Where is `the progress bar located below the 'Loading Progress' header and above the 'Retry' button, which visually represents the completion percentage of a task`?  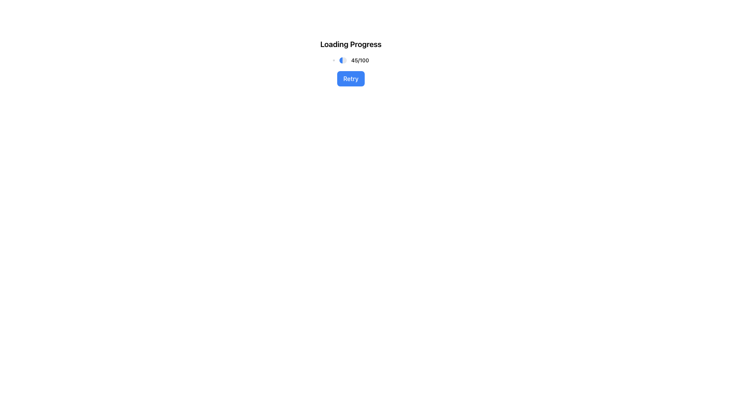 the progress bar located below the 'Loading Progress' header and above the 'Retry' button, which visually represents the completion percentage of a task is located at coordinates (343, 60).